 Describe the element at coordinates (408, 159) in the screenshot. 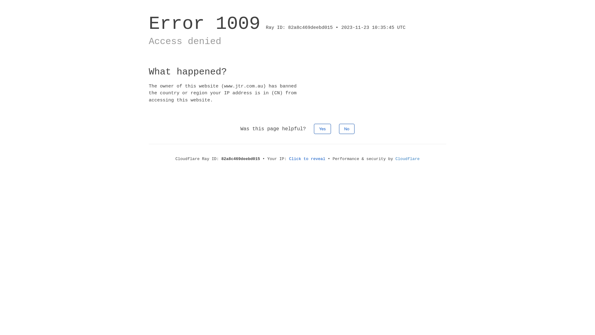

I see `'Cloudflare'` at that location.